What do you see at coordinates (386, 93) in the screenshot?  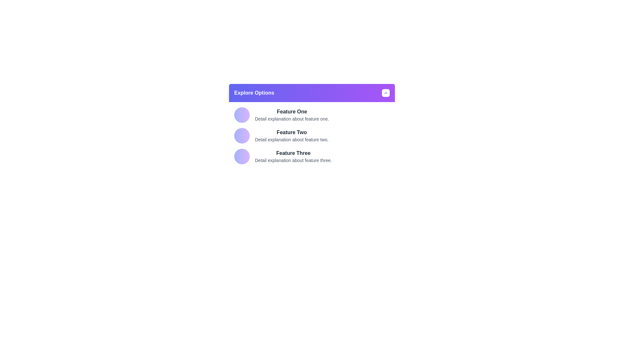 I see `the interactive icon located in the rounded button with a white background and blue border, adjacent to the top-right edge of the purple header bar labeled 'Explore Options'` at bounding box center [386, 93].